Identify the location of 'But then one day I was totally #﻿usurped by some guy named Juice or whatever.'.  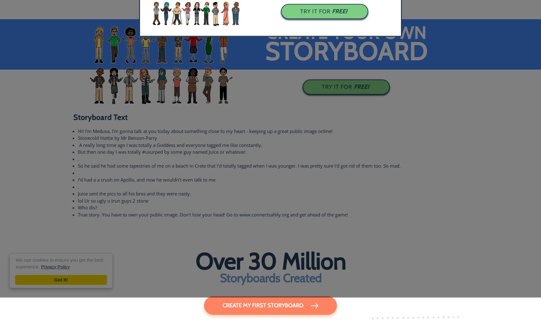
(162, 152).